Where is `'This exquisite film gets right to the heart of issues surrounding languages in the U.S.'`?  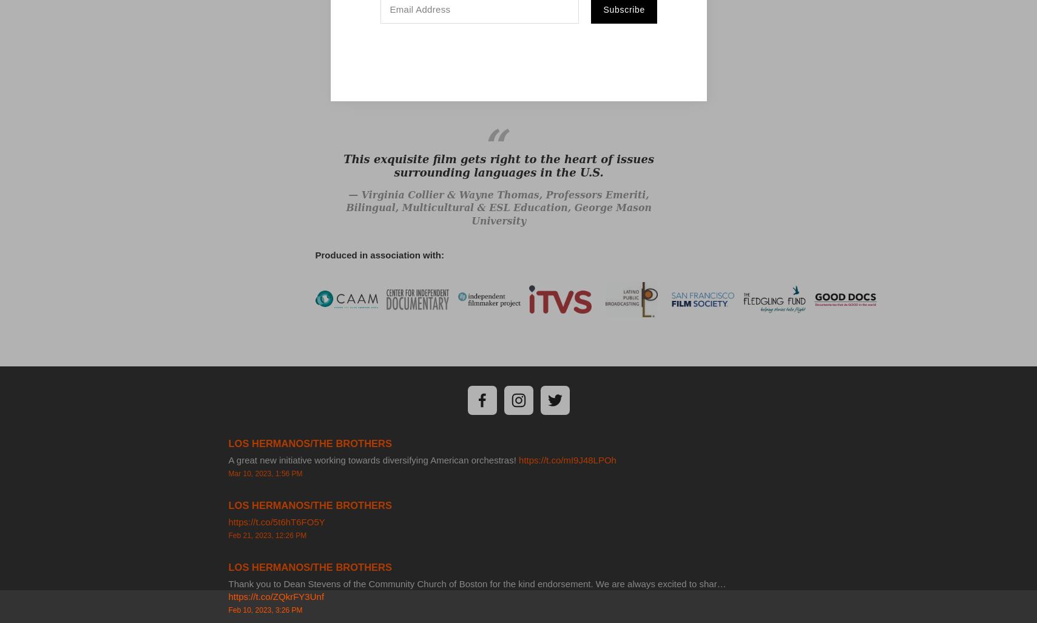
'This exquisite film gets right to the heart of issues surrounding languages in the U.S.' is located at coordinates (343, 165).